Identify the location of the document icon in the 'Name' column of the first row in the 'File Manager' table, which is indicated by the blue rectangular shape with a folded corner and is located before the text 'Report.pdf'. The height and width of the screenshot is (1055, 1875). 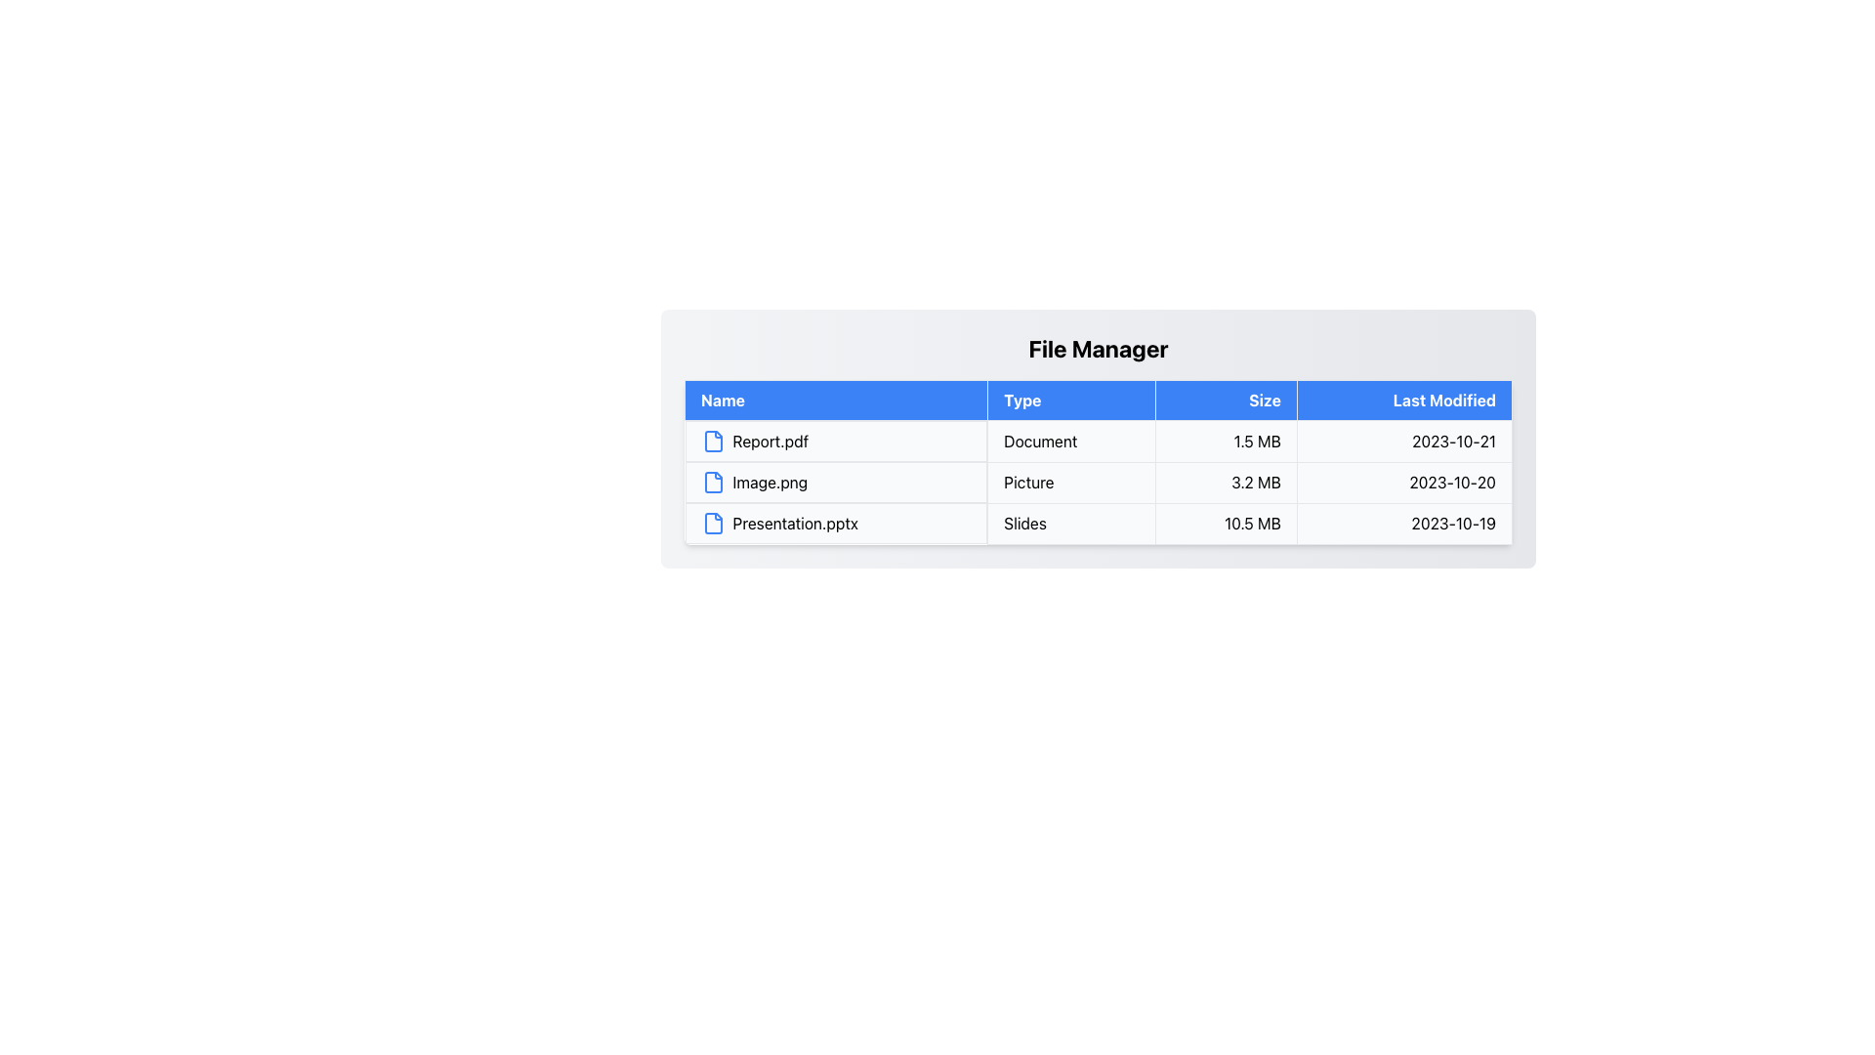
(712, 441).